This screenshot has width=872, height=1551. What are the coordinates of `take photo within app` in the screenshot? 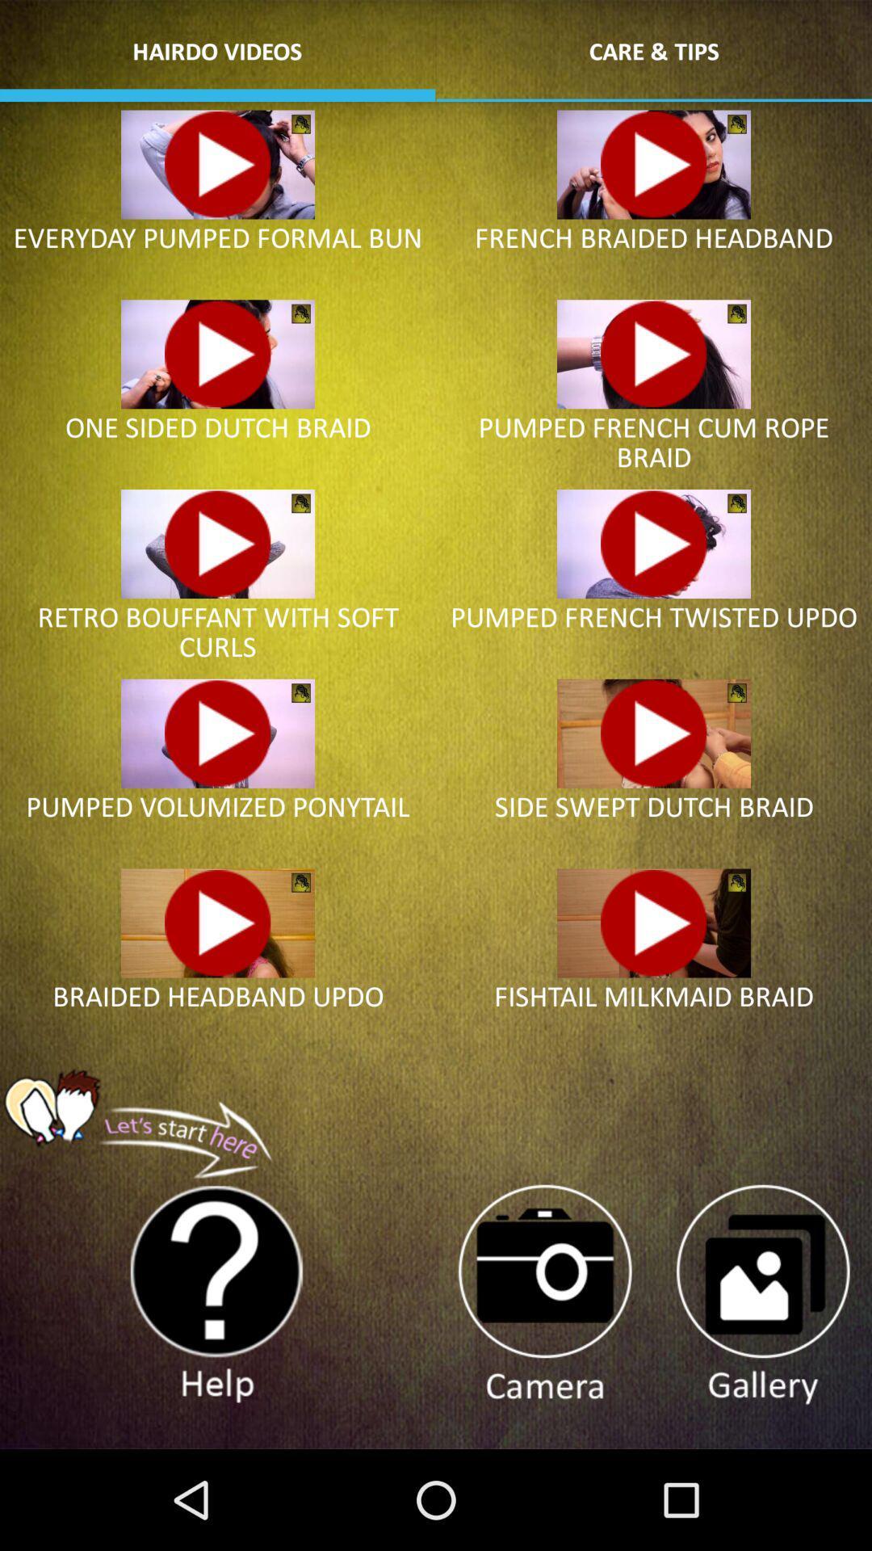 It's located at (544, 1295).